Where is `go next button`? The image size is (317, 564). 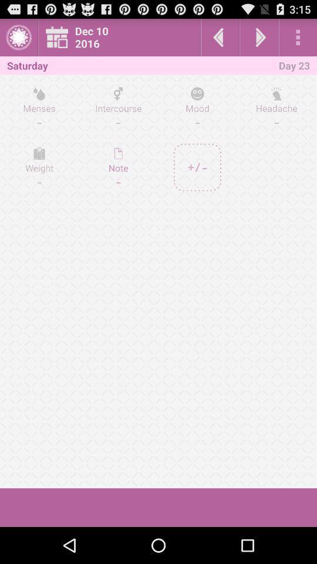 go next button is located at coordinates (259, 37).